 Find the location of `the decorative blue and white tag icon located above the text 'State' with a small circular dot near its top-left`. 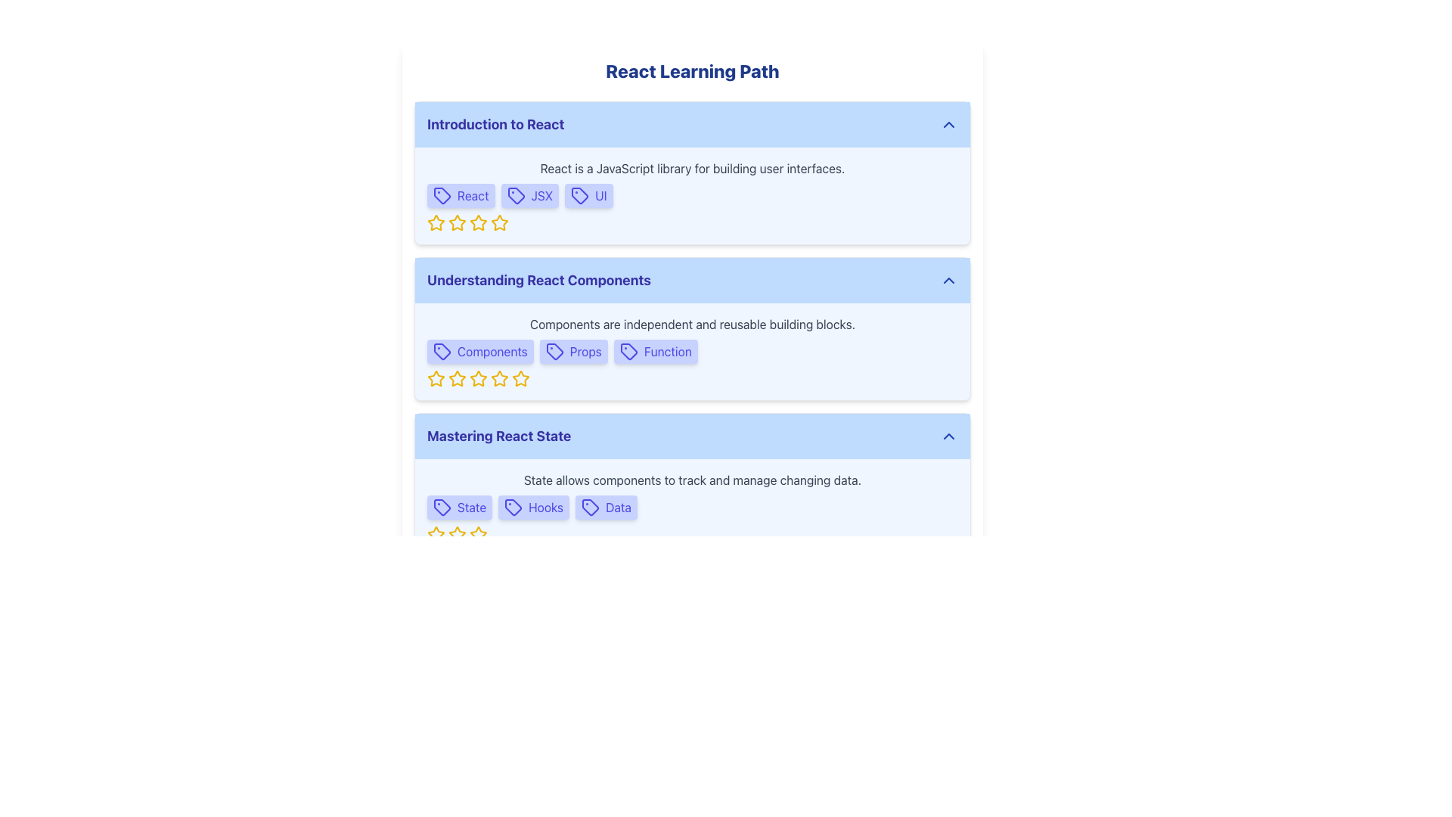

the decorative blue and white tag icon located above the text 'State' with a small circular dot near its top-left is located at coordinates (442, 508).